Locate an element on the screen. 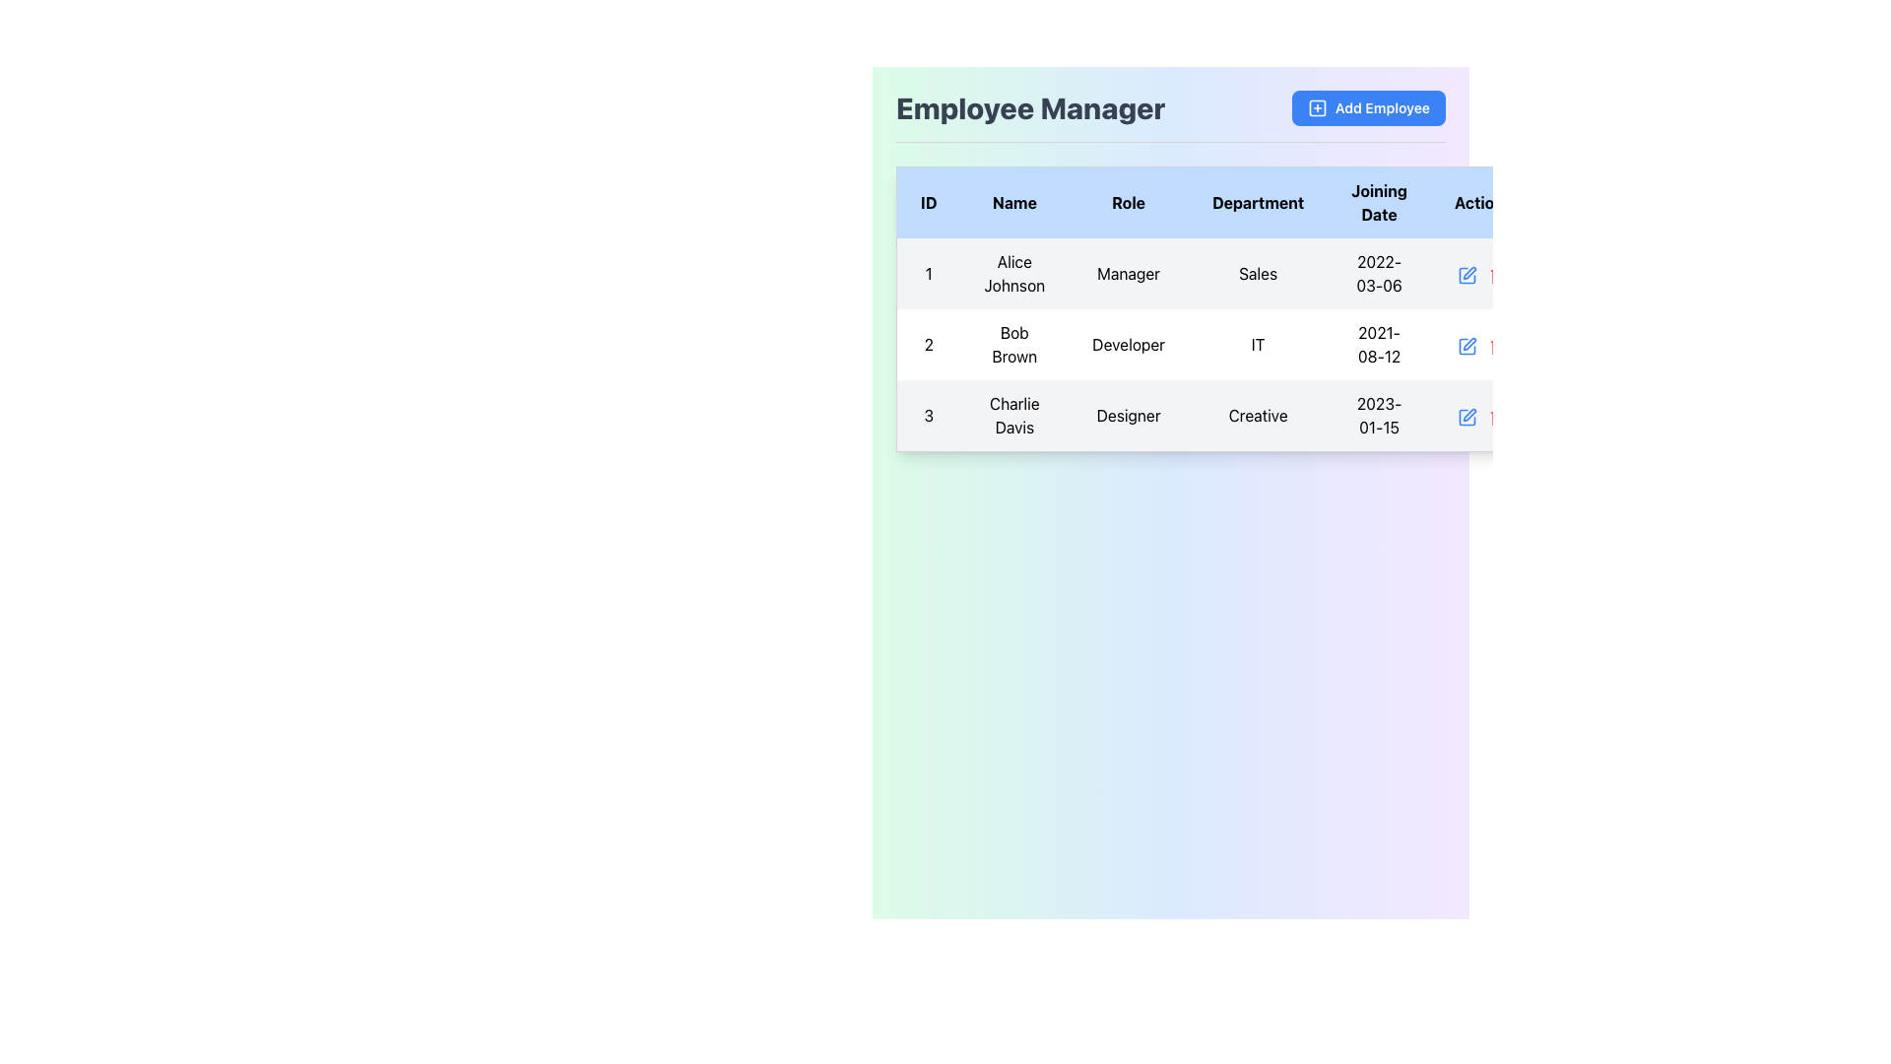  the small blue pen icon button in the 'Actions' section is located at coordinates (1467, 273).